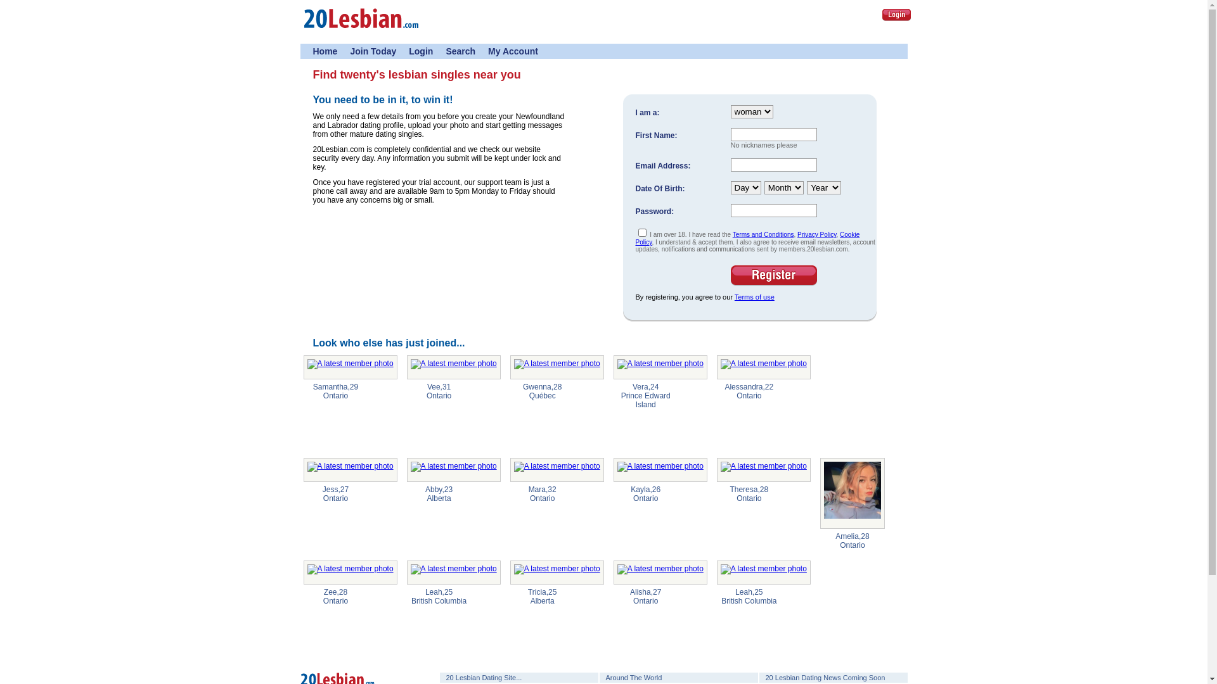 The width and height of the screenshot is (1217, 684). I want to click on 'Amelia, 28 from Toronto, Ontario', so click(852, 493).